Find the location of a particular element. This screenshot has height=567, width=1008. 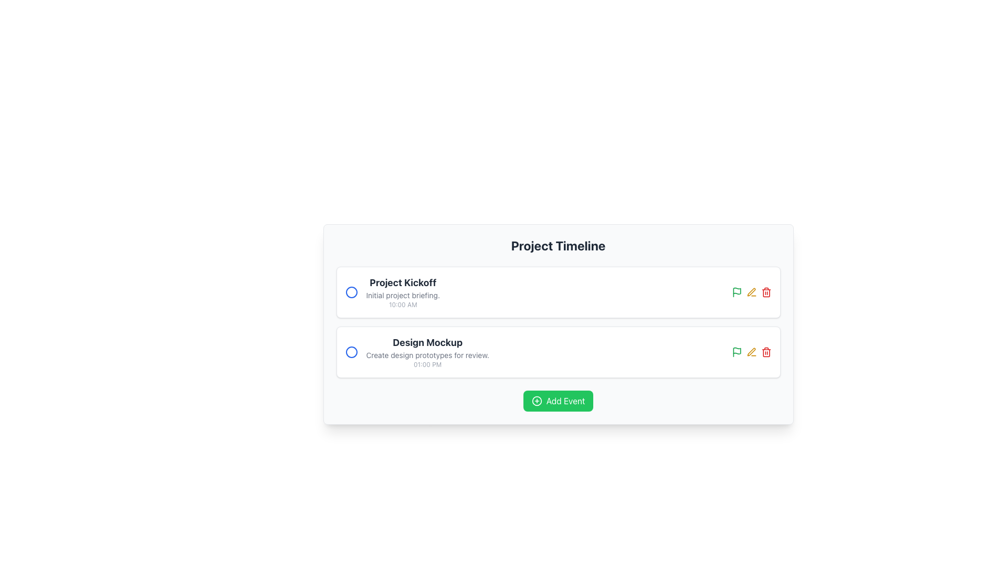

the composite text element located in the center of the second row of the schedule or task list is located at coordinates (416, 352).